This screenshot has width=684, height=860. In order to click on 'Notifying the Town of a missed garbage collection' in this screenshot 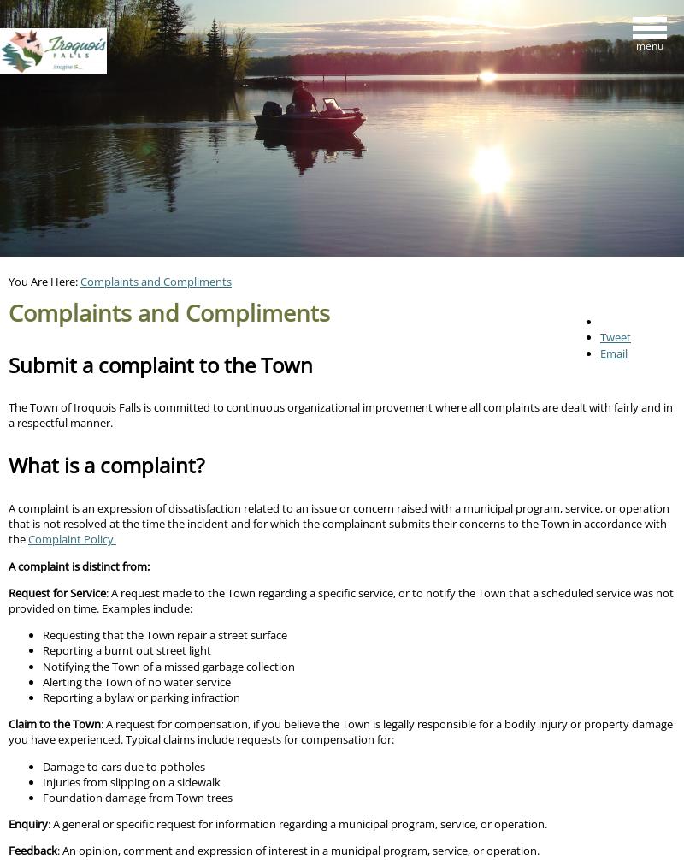, I will do `click(168, 665)`.